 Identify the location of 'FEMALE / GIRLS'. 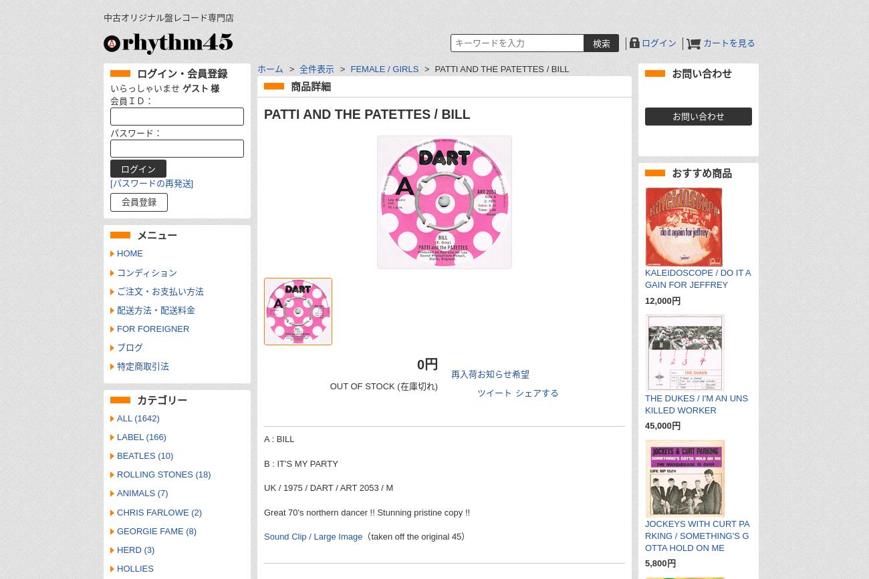
(383, 69).